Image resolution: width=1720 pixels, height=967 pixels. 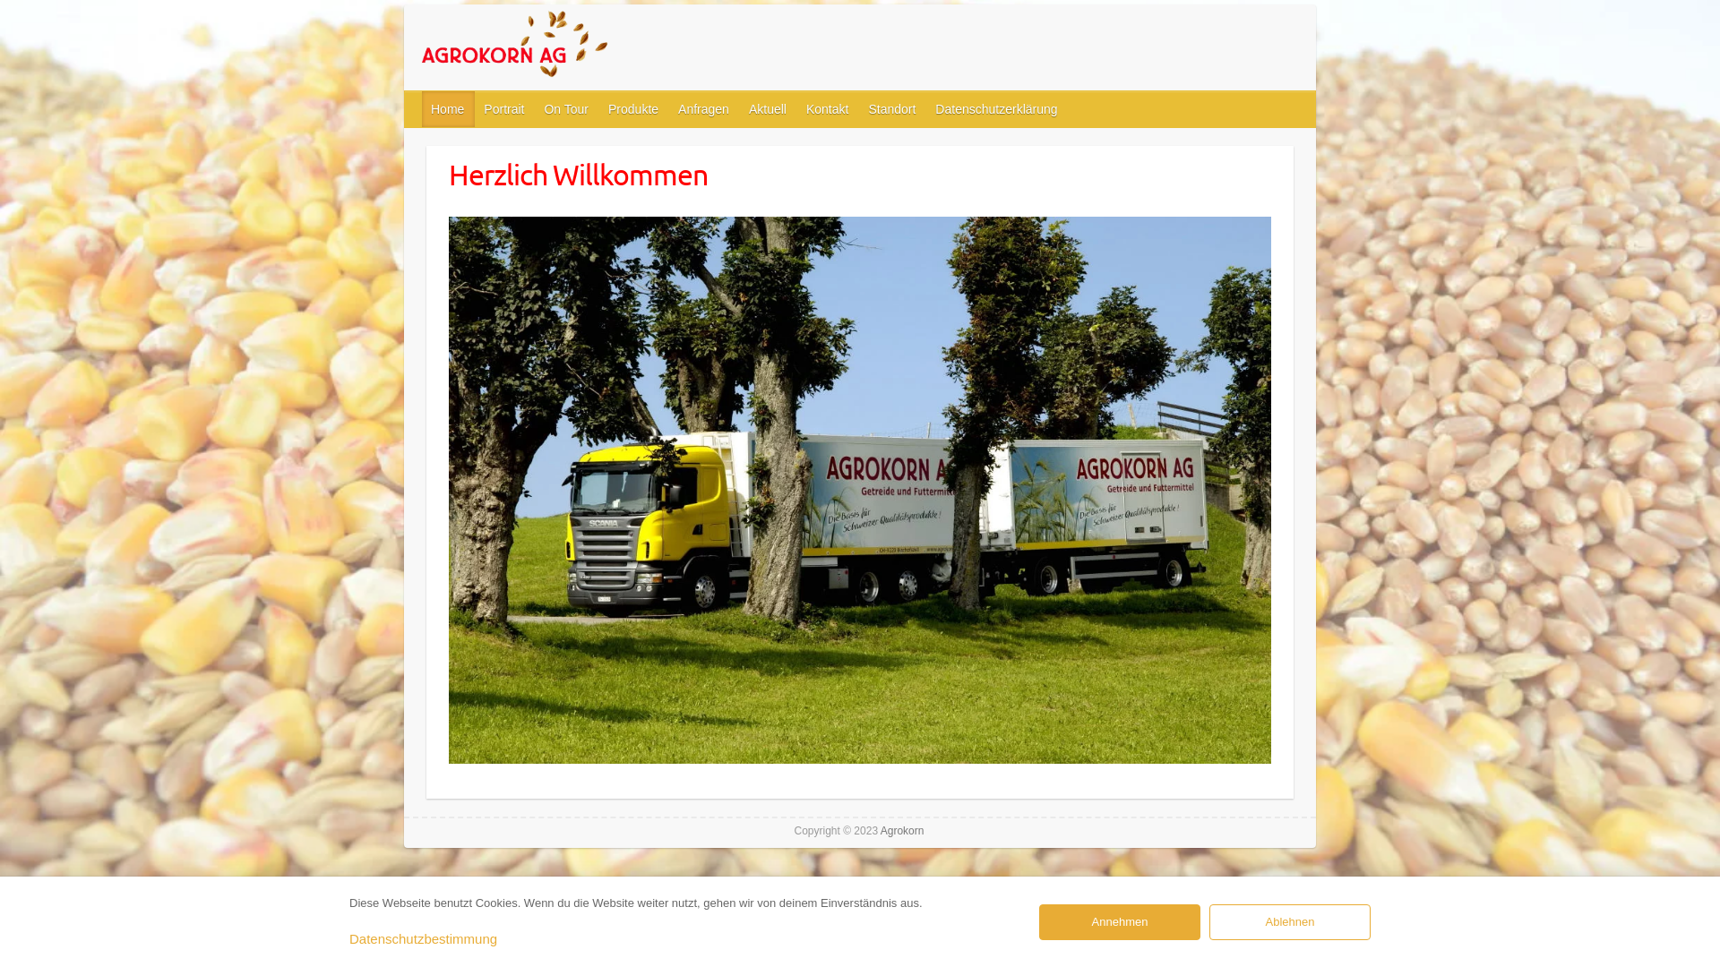 I want to click on 'Anfragen', so click(x=703, y=109).